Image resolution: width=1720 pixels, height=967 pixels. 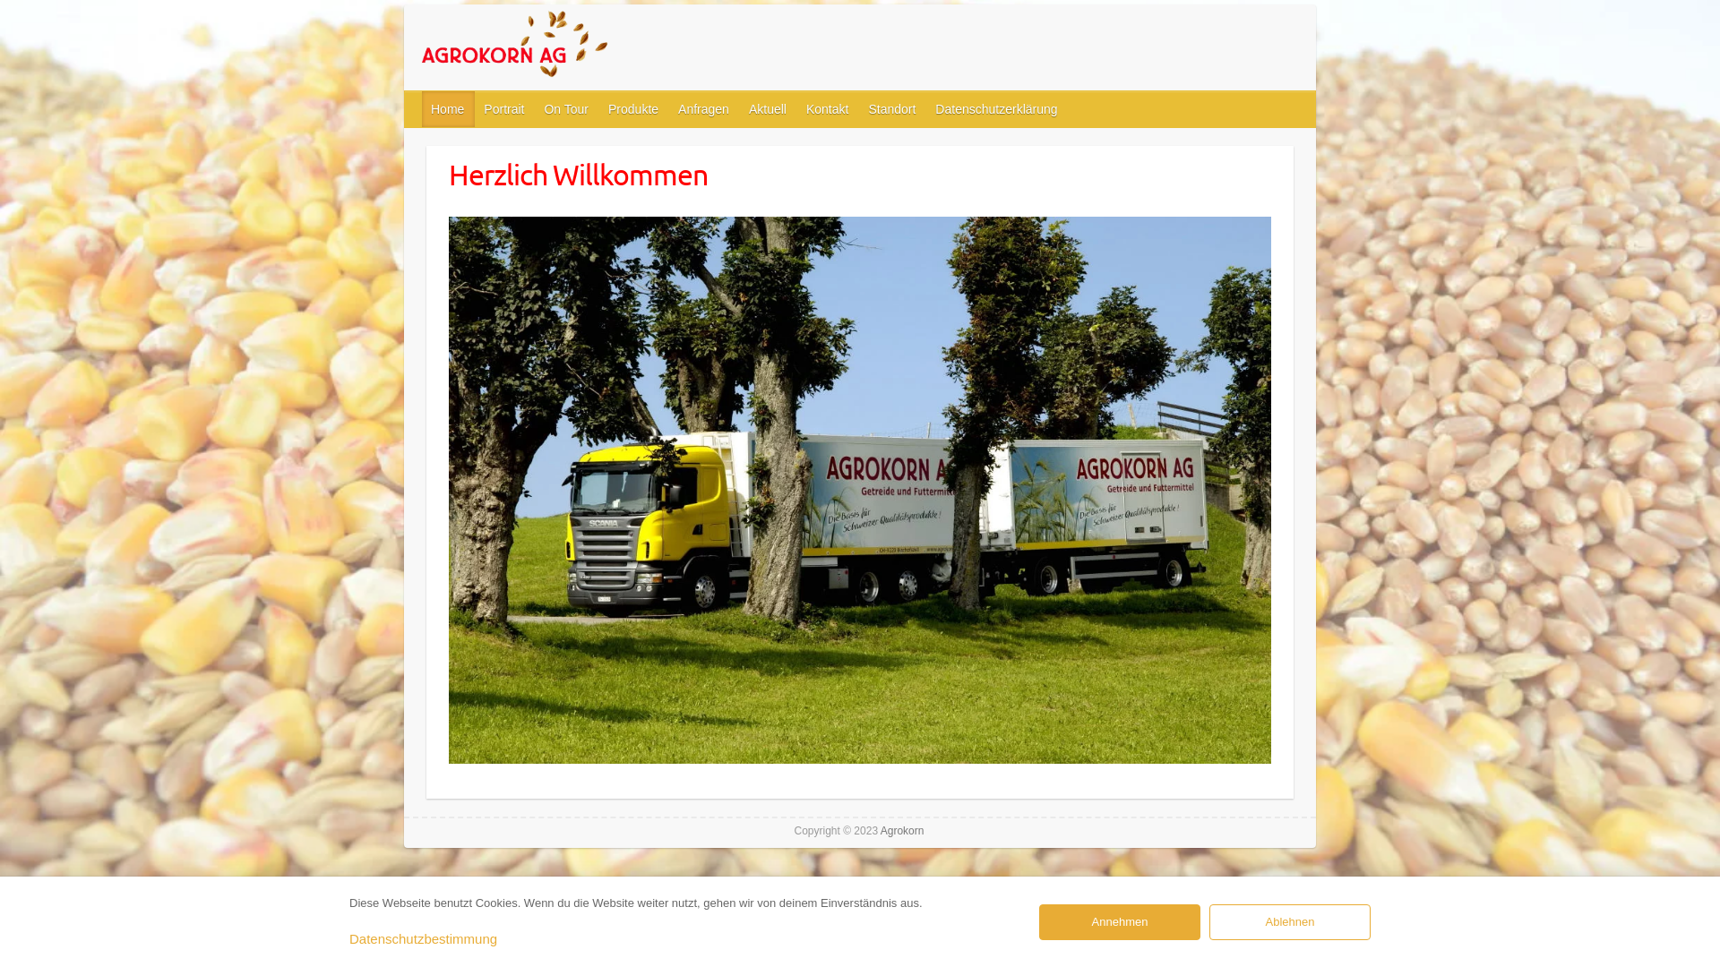 I want to click on 'Anfragen', so click(x=703, y=109).